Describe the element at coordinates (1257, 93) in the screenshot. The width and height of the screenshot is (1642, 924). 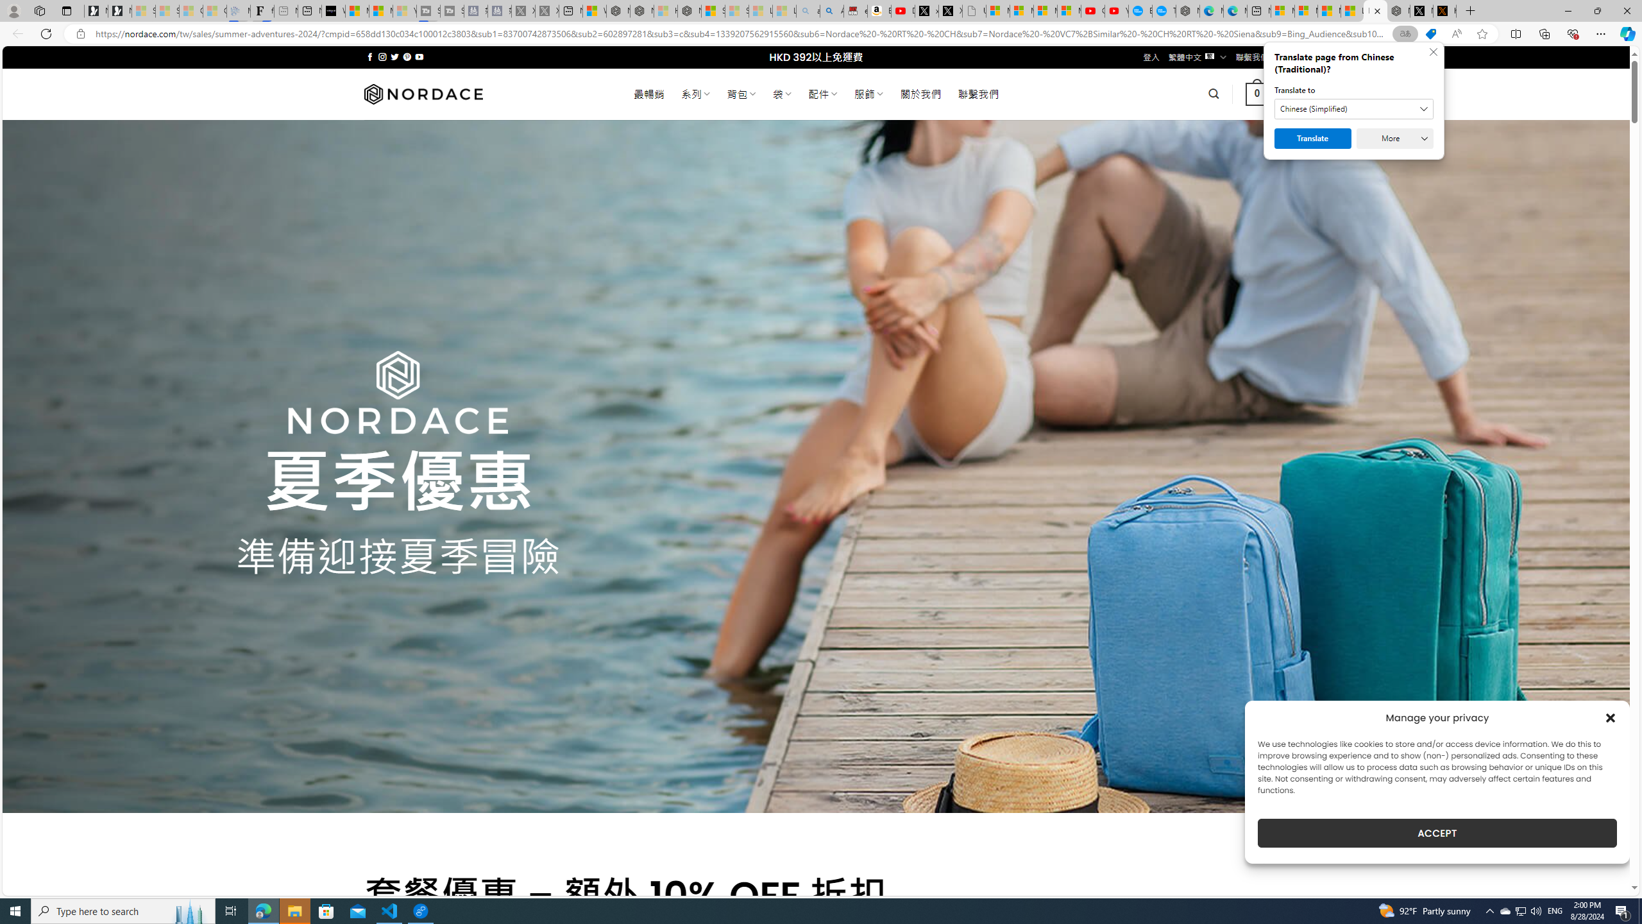
I see `' 0 '` at that location.